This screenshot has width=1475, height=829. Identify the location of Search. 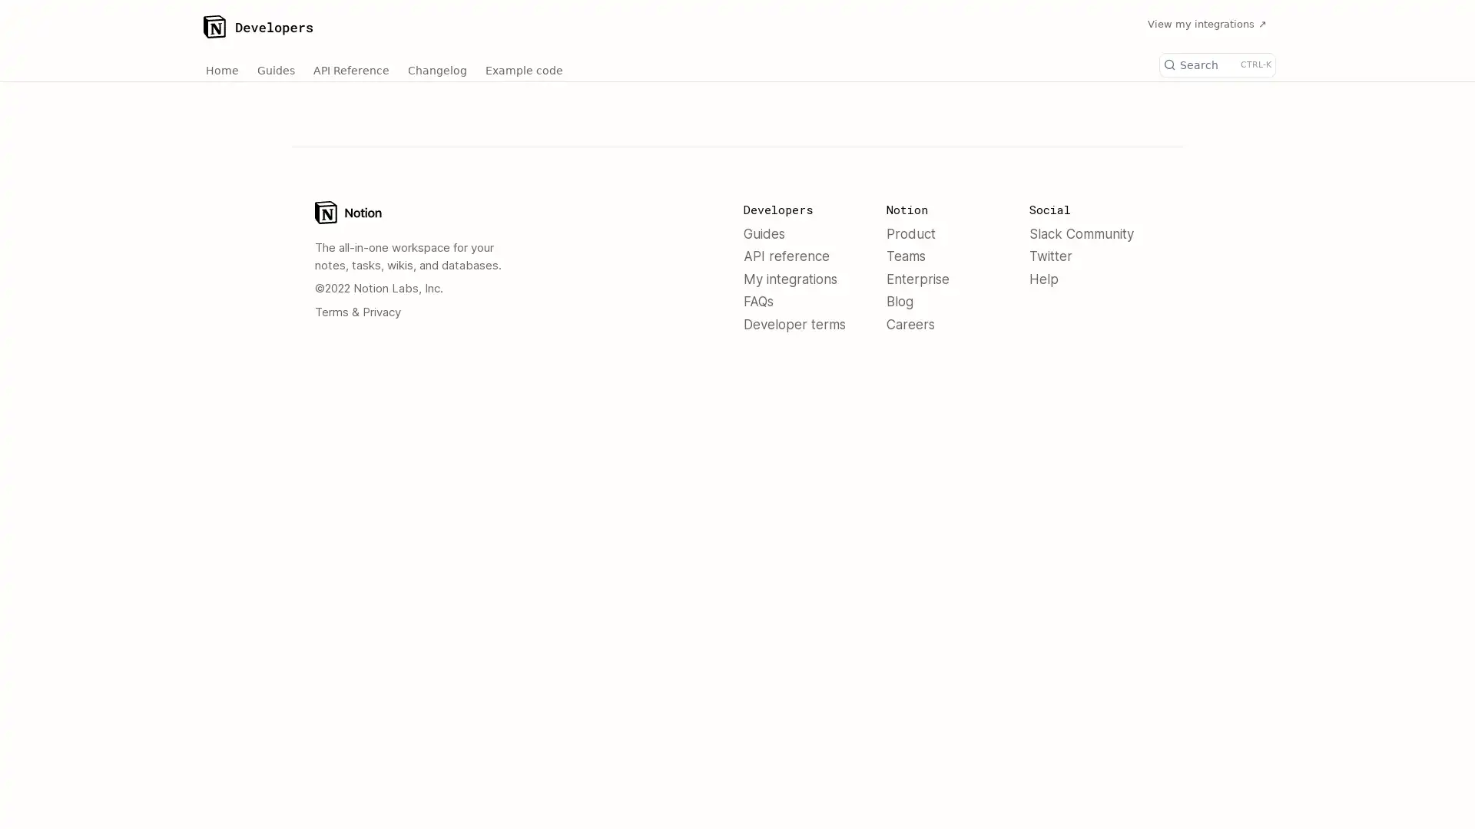
(1216, 64).